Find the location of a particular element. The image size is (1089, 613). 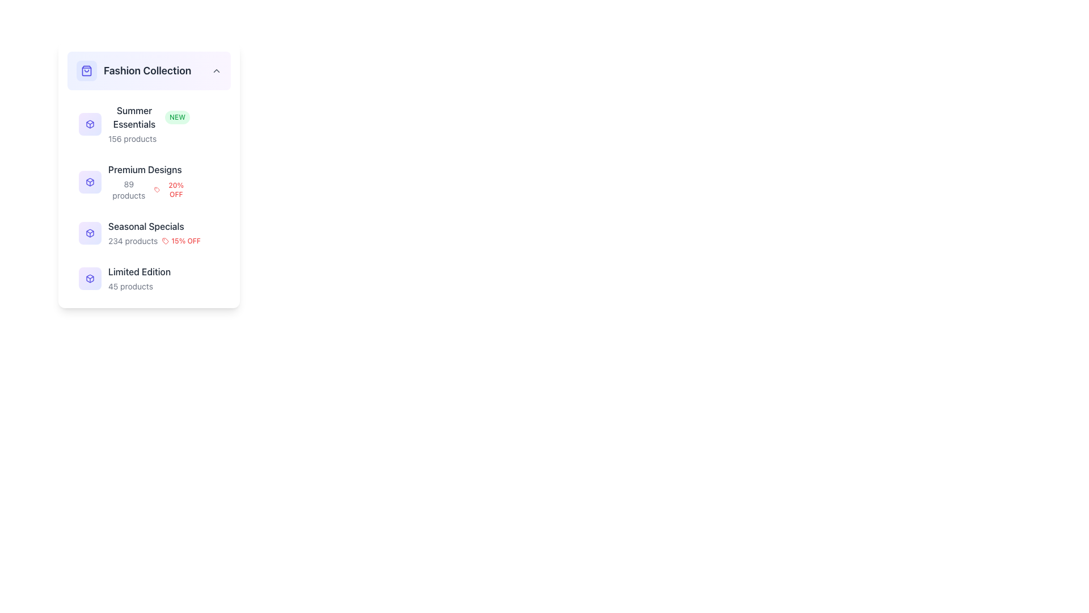

the 'Limited Edition' category label with an icon and text, which is the fourth item in the 'Fashion Collection' list, featuring a cube icon on the left and the text 'Limited Edition' with subtext '45 products' is located at coordinates (151, 278).